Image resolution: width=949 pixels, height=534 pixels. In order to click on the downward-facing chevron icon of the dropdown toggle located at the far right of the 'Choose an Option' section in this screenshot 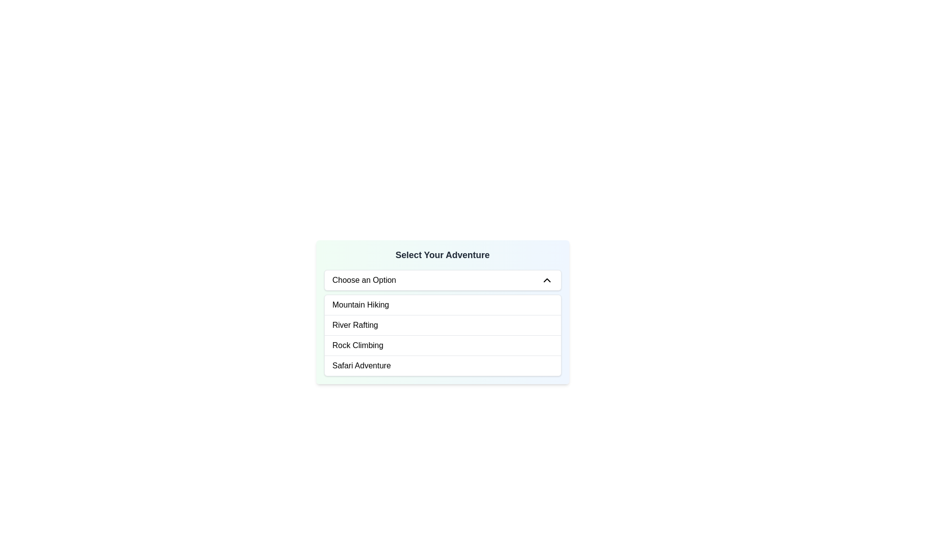, I will do `click(546, 280)`.